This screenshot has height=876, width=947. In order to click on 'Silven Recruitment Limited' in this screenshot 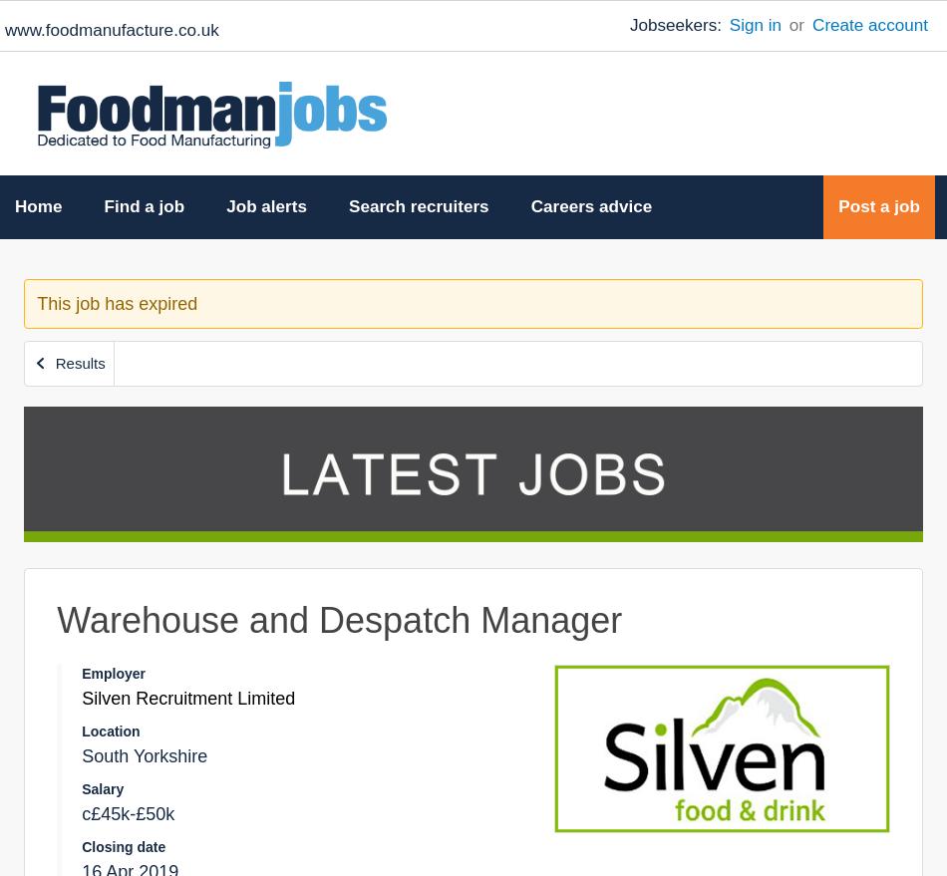, I will do `click(187, 698)`.